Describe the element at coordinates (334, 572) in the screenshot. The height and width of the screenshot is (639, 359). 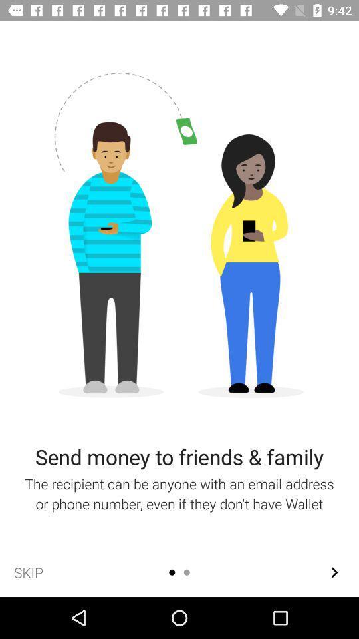
I see `the arrow_forward icon` at that location.